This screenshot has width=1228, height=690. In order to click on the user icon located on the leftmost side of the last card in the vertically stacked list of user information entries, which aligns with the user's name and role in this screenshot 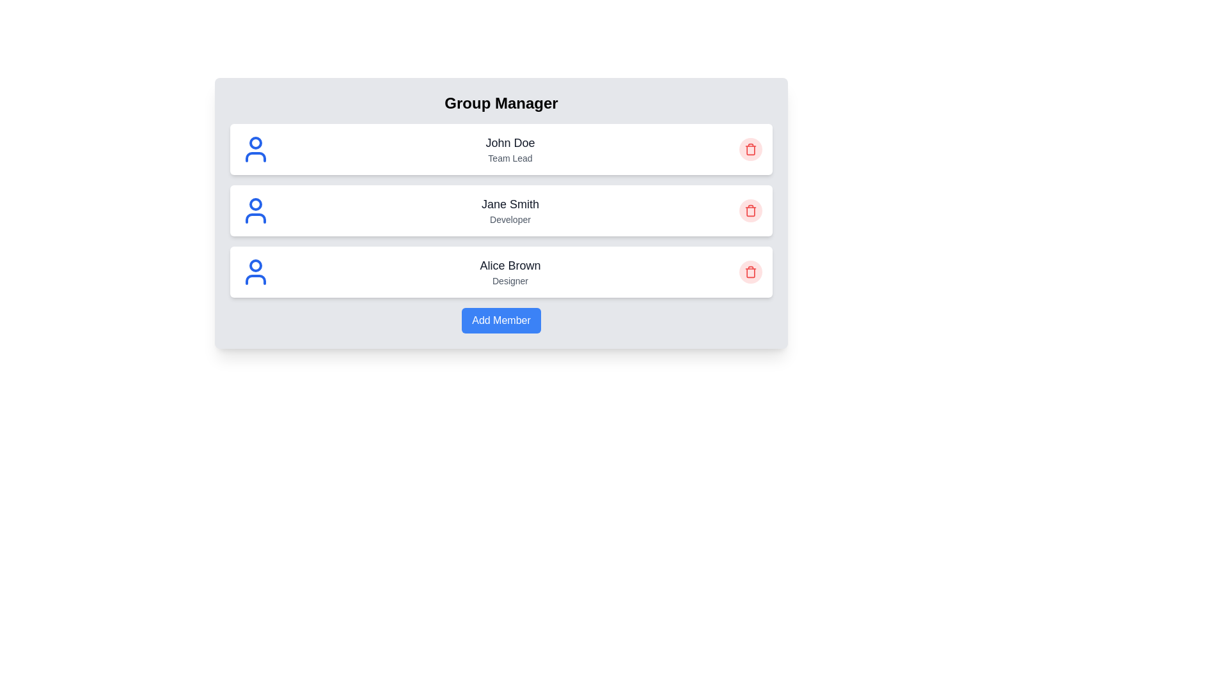, I will do `click(255, 271)`.